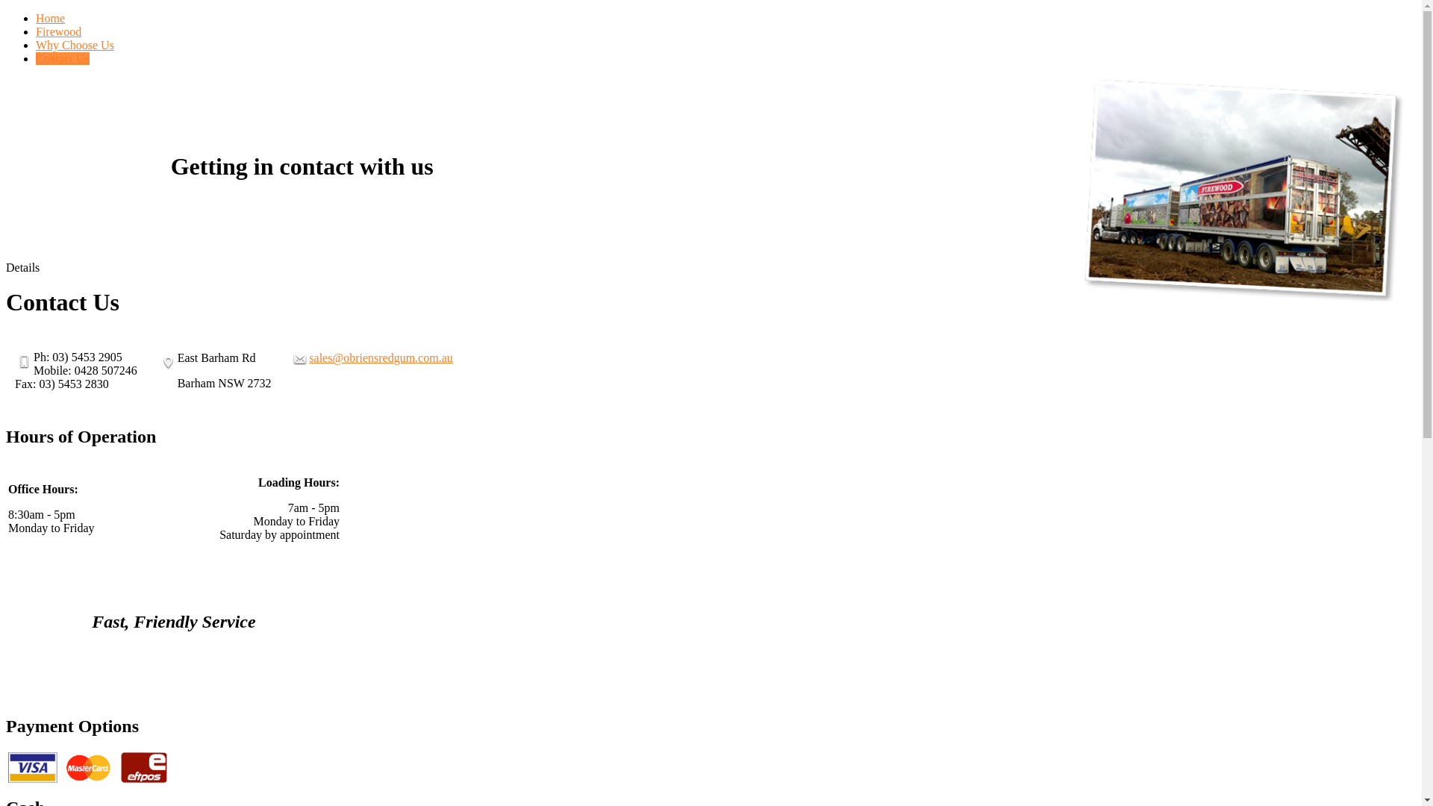 Image resolution: width=1433 pixels, height=806 pixels. What do you see at coordinates (36, 44) in the screenshot?
I see `'Why Choose Us'` at bounding box center [36, 44].